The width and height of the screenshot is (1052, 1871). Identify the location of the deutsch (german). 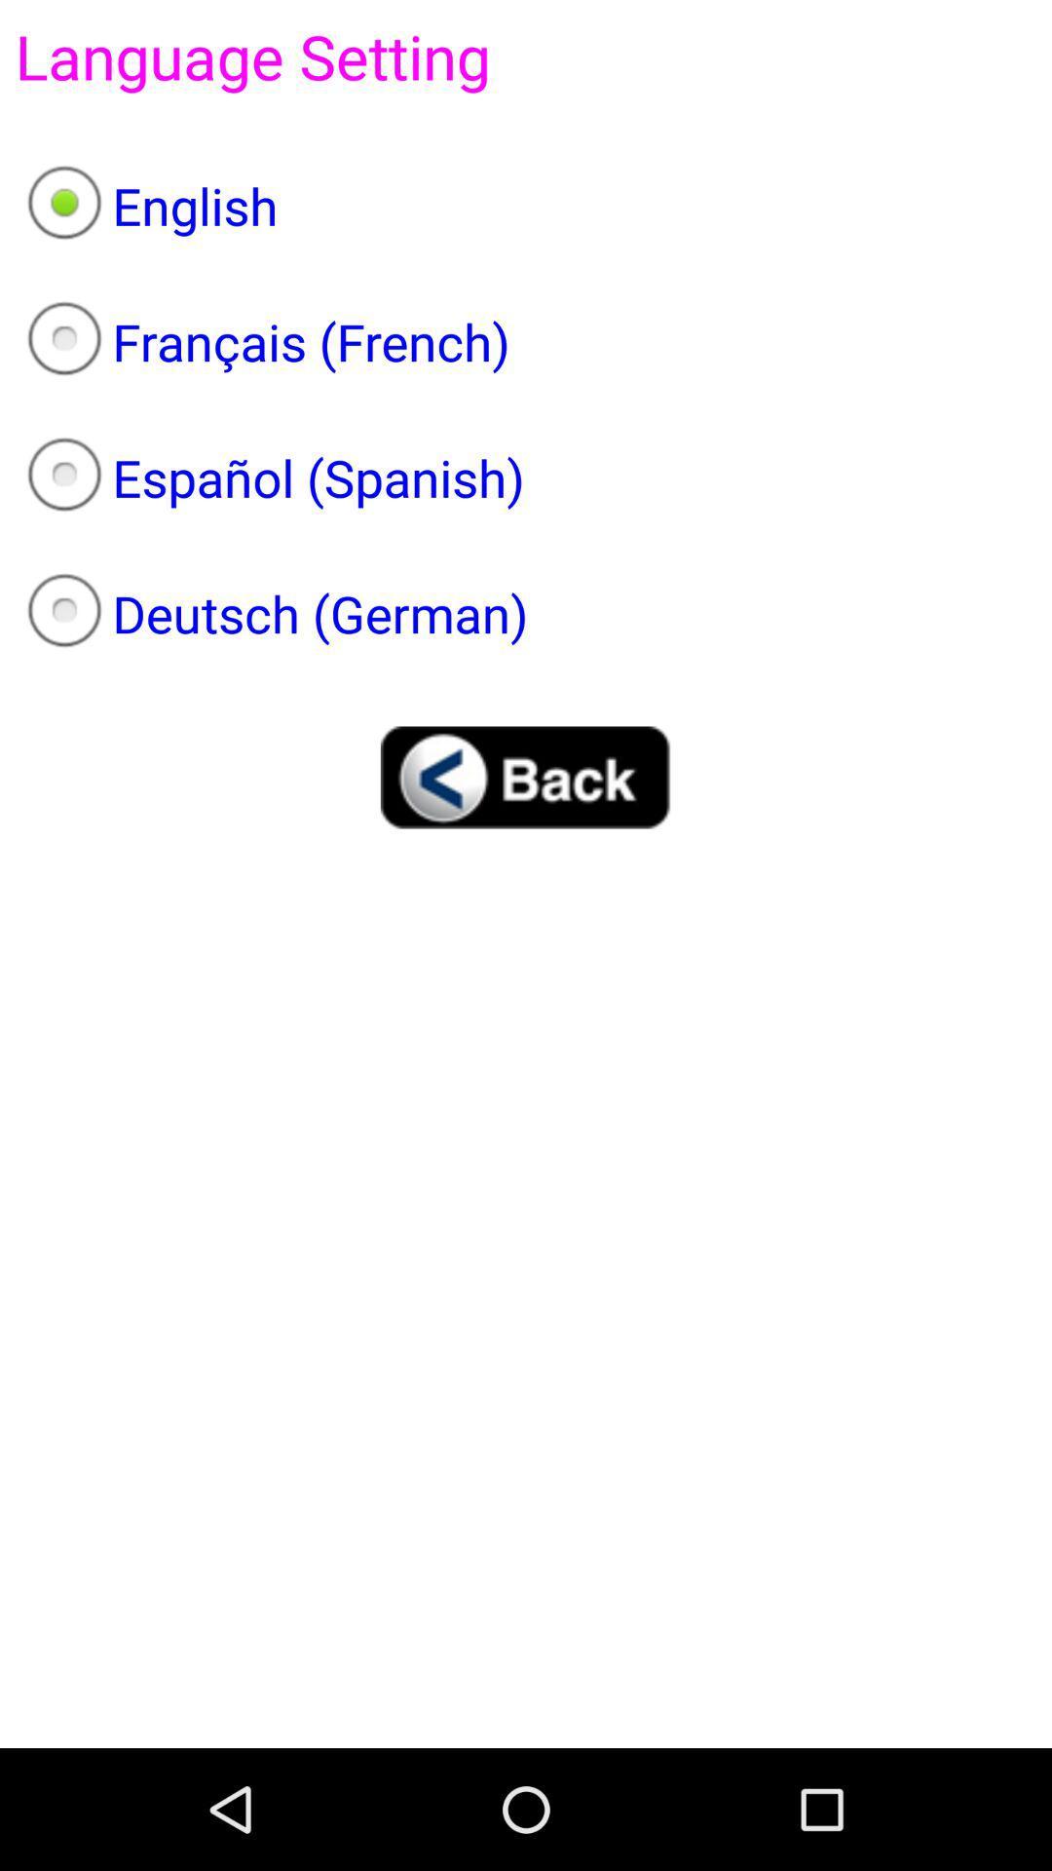
(526, 612).